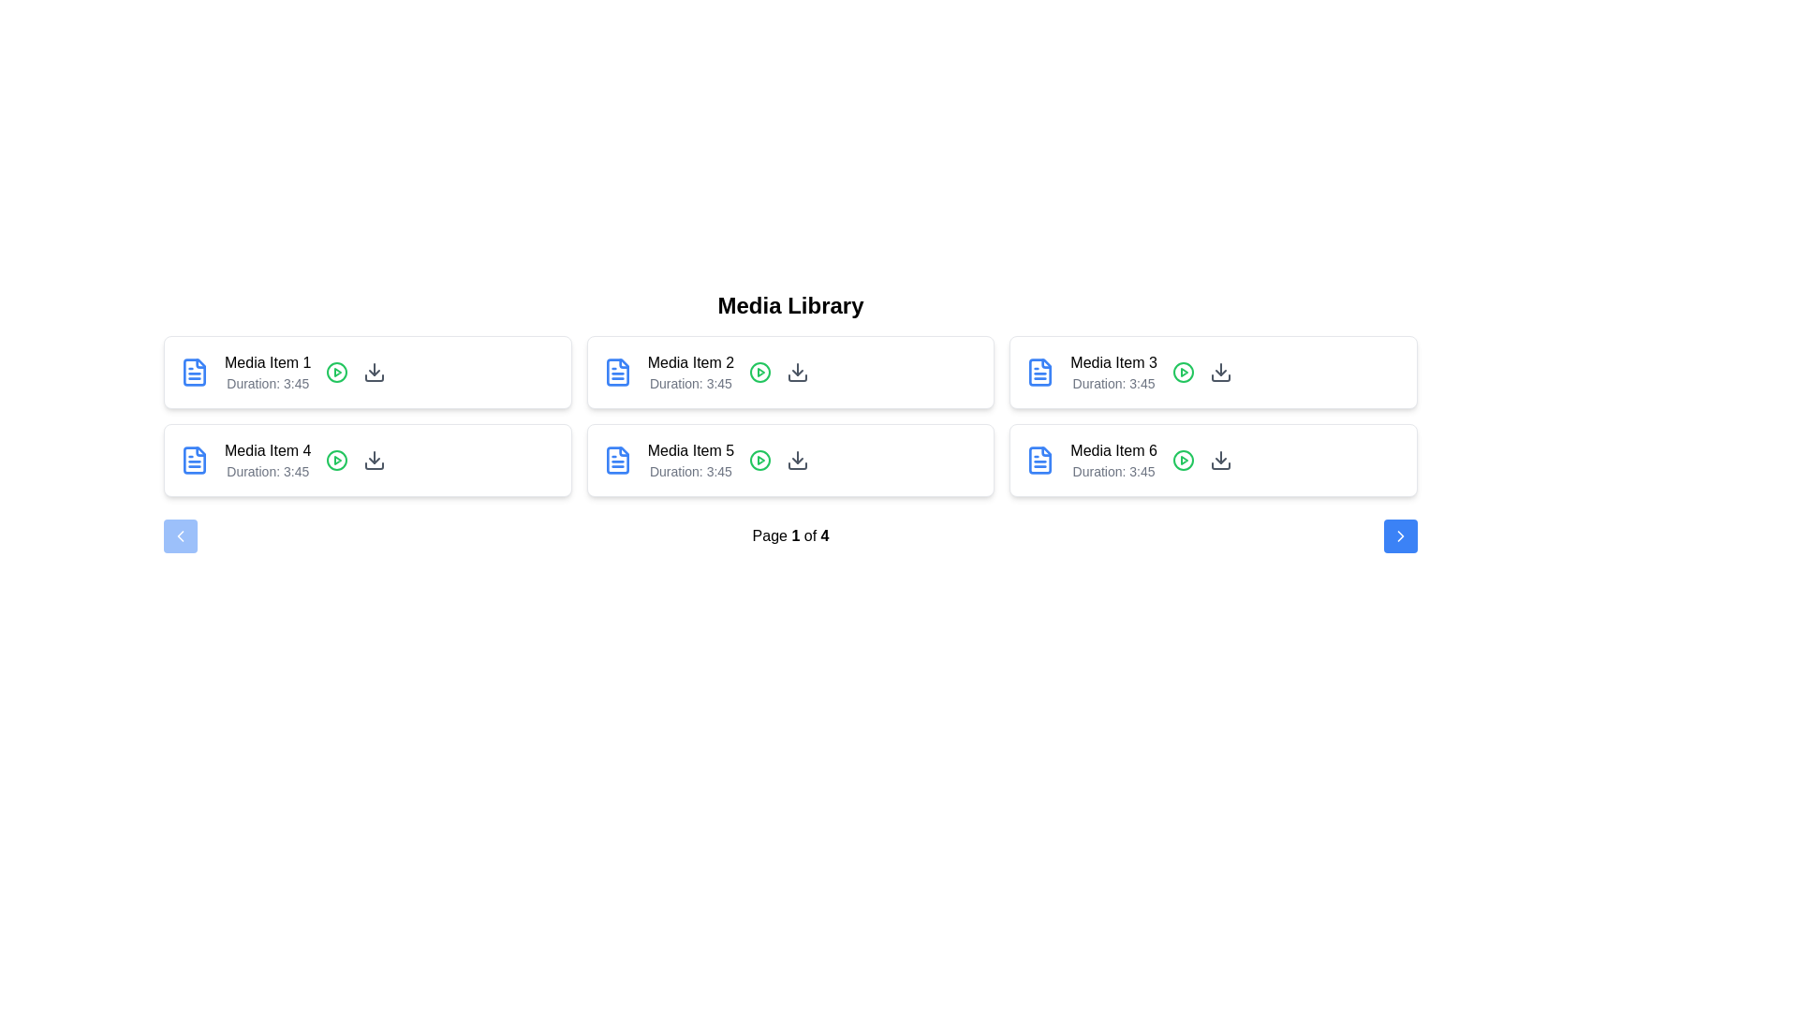 This screenshot has height=1011, width=1798. What do you see at coordinates (689, 471) in the screenshot?
I see `the Text Label displaying 'Duration: 3:45', which is styled in gray and located below 'Media Item 5' in the grid layout` at bounding box center [689, 471].